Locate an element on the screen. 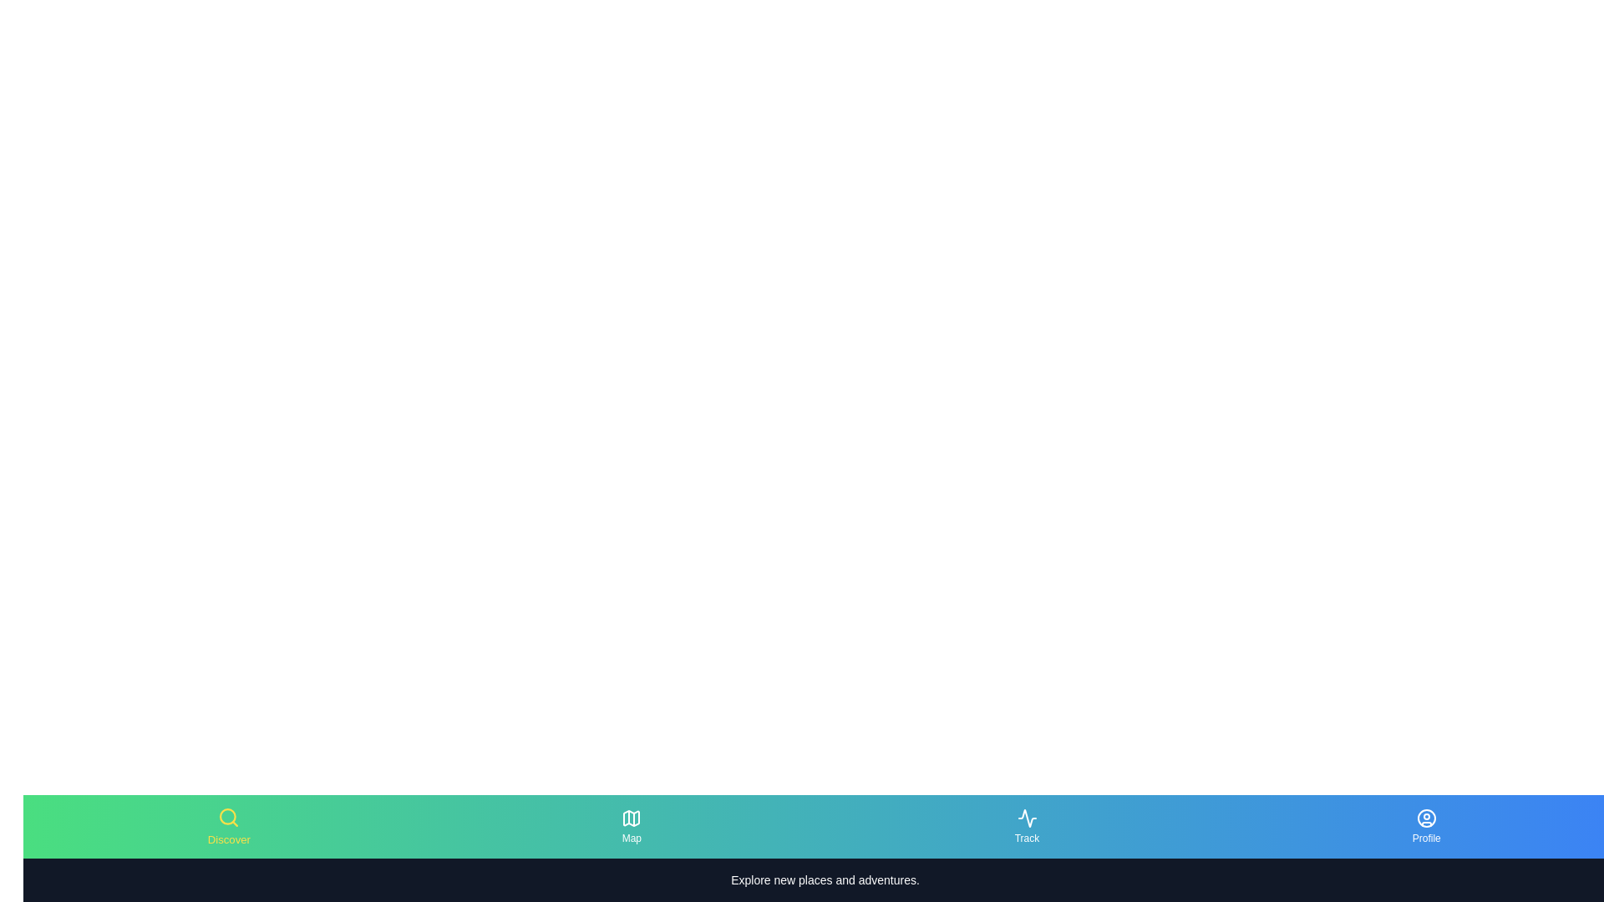 This screenshot has width=1604, height=902. the tab labeled Track to navigate to its content is located at coordinates (1025, 827).